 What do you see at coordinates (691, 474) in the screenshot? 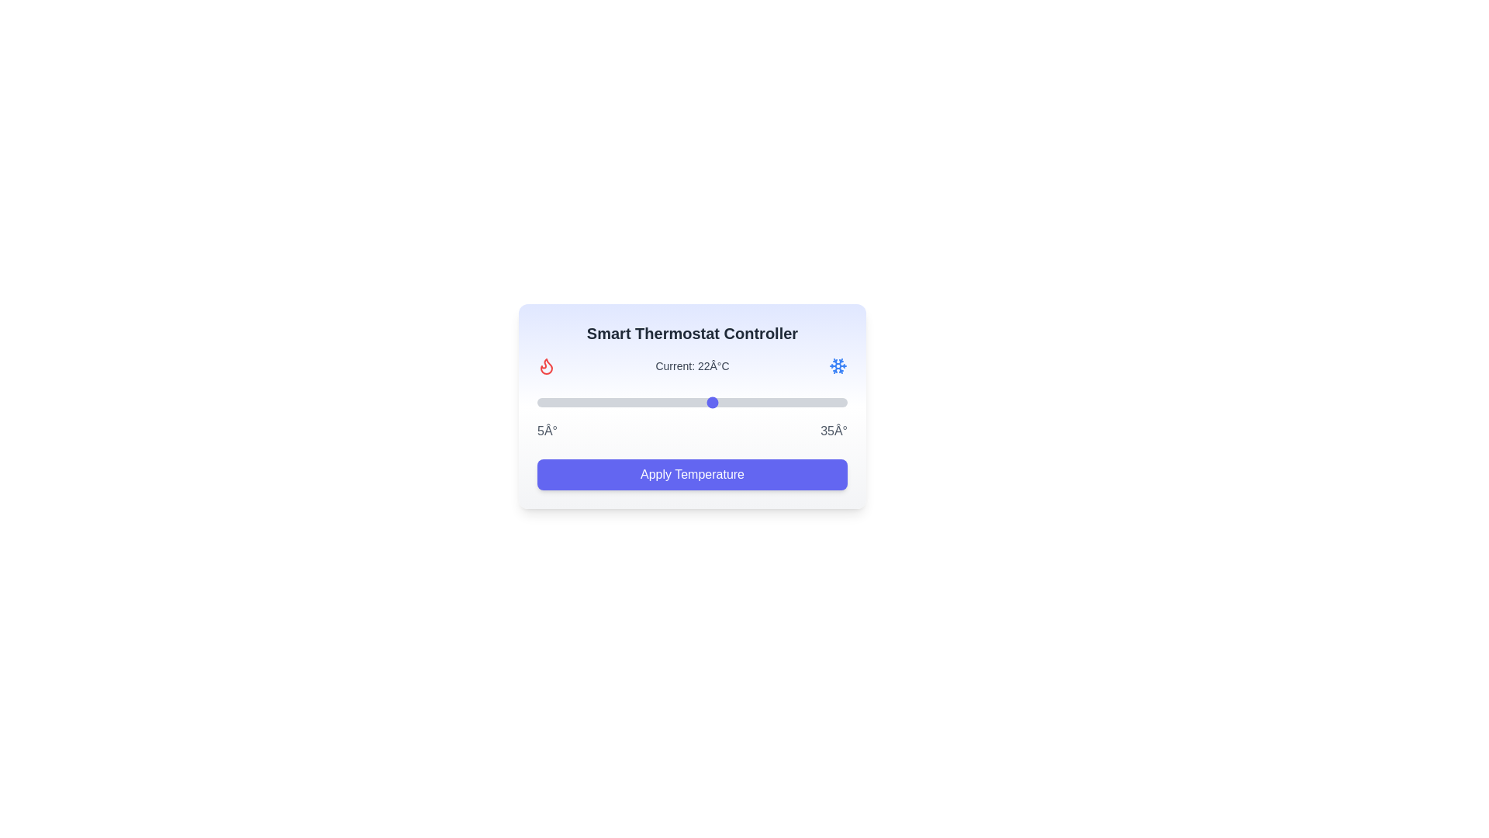
I see `'Apply Temperature' button` at bounding box center [691, 474].